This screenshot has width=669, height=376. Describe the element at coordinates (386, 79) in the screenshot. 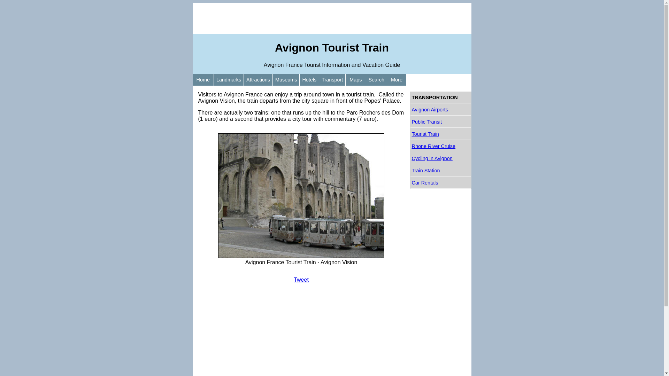

I see `' More '` at that location.